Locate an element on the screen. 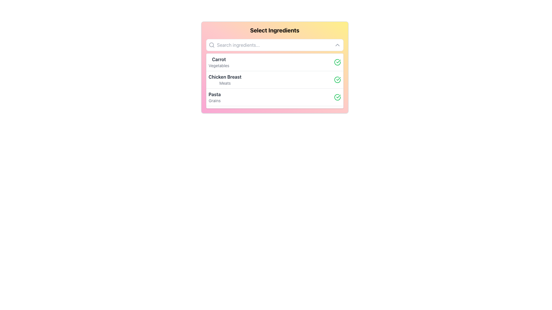 The image size is (552, 310). the magnifying glass icon located at the left boundary of the search bar within a white rounded text input bar at the top of the card is located at coordinates (211, 45).